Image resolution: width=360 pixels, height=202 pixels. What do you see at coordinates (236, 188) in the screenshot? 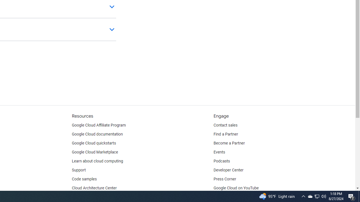
I see `'Google Cloud on YouTube'` at bounding box center [236, 188].